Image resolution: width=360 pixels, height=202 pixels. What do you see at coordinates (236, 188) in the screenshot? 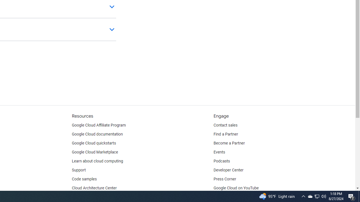
I see `'Google Cloud on YouTube'` at bounding box center [236, 188].